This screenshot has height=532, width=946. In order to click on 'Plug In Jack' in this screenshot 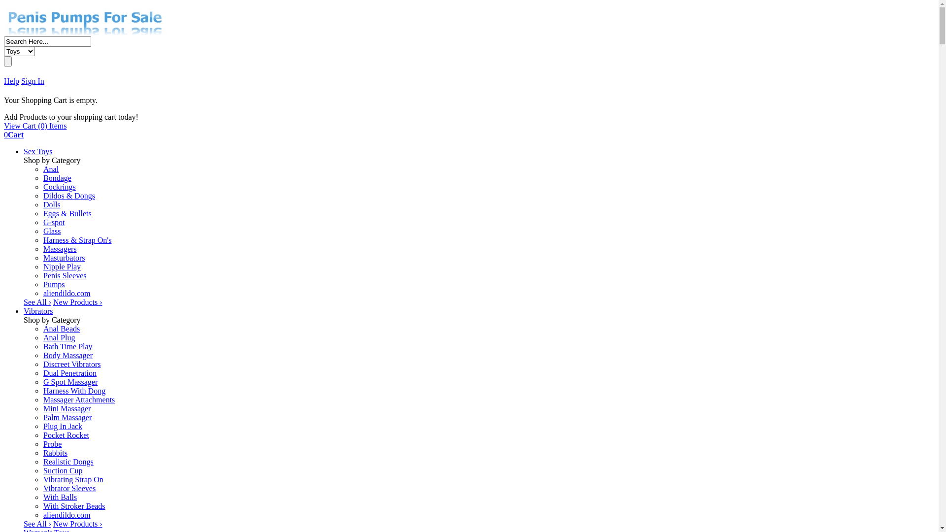, I will do `click(42, 426)`.